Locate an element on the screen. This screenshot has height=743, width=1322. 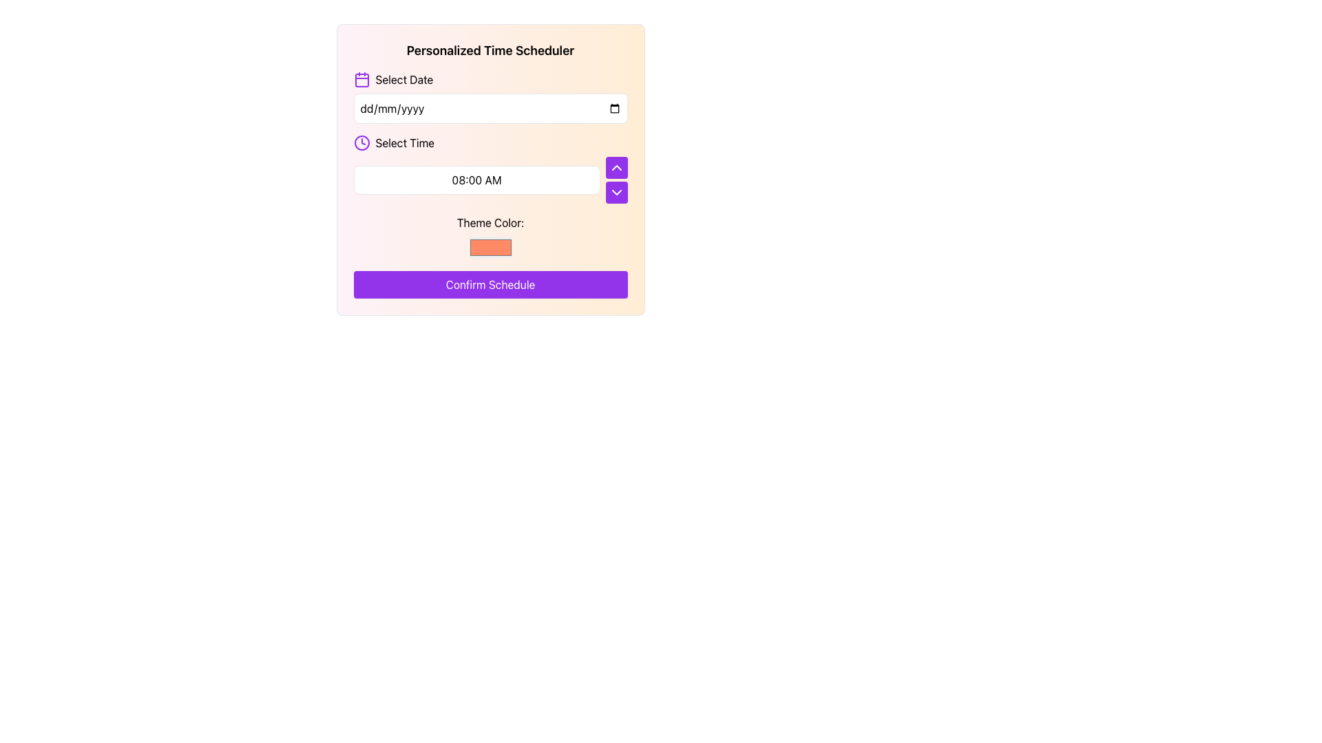
the Color Picker located under the 'Theme Color:' label is located at coordinates (490, 246).